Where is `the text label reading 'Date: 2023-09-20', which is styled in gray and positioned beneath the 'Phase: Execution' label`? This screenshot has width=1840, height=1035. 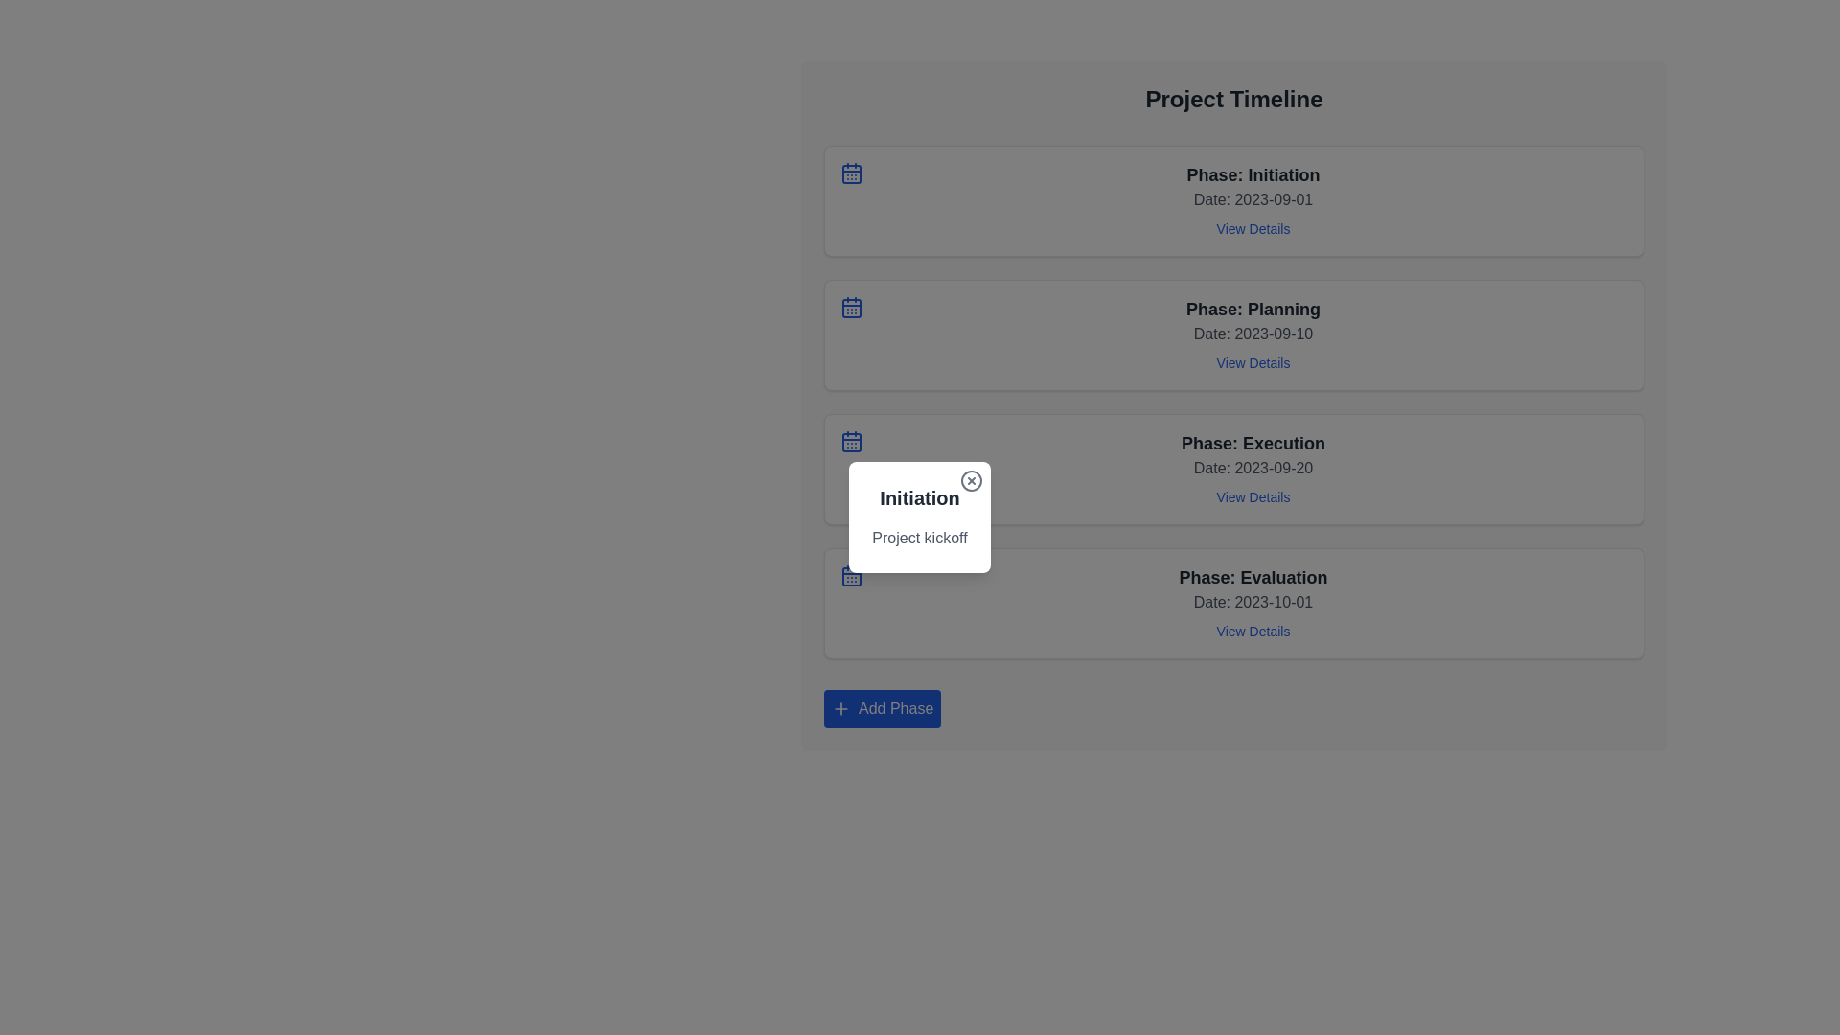 the text label reading 'Date: 2023-09-20', which is styled in gray and positioned beneath the 'Phase: Execution' label is located at coordinates (1253, 469).